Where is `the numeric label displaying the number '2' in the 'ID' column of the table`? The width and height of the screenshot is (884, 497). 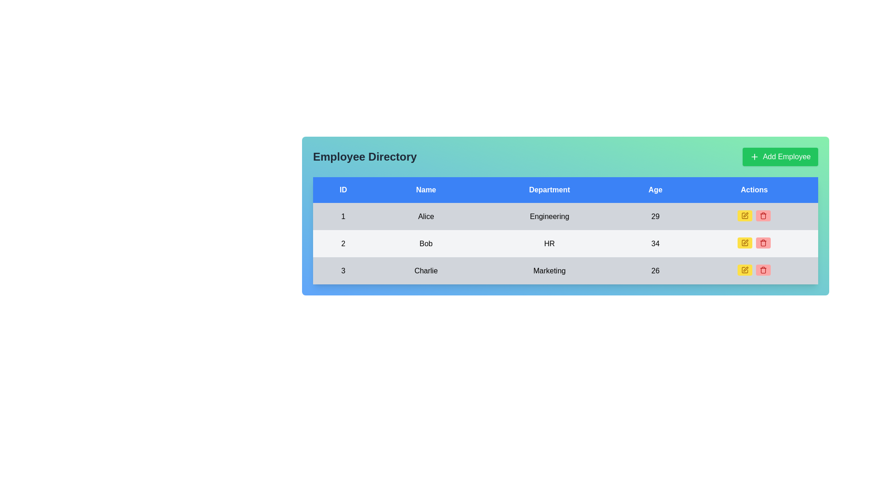 the numeric label displaying the number '2' in the 'ID' column of the table is located at coordinates (343, 243).